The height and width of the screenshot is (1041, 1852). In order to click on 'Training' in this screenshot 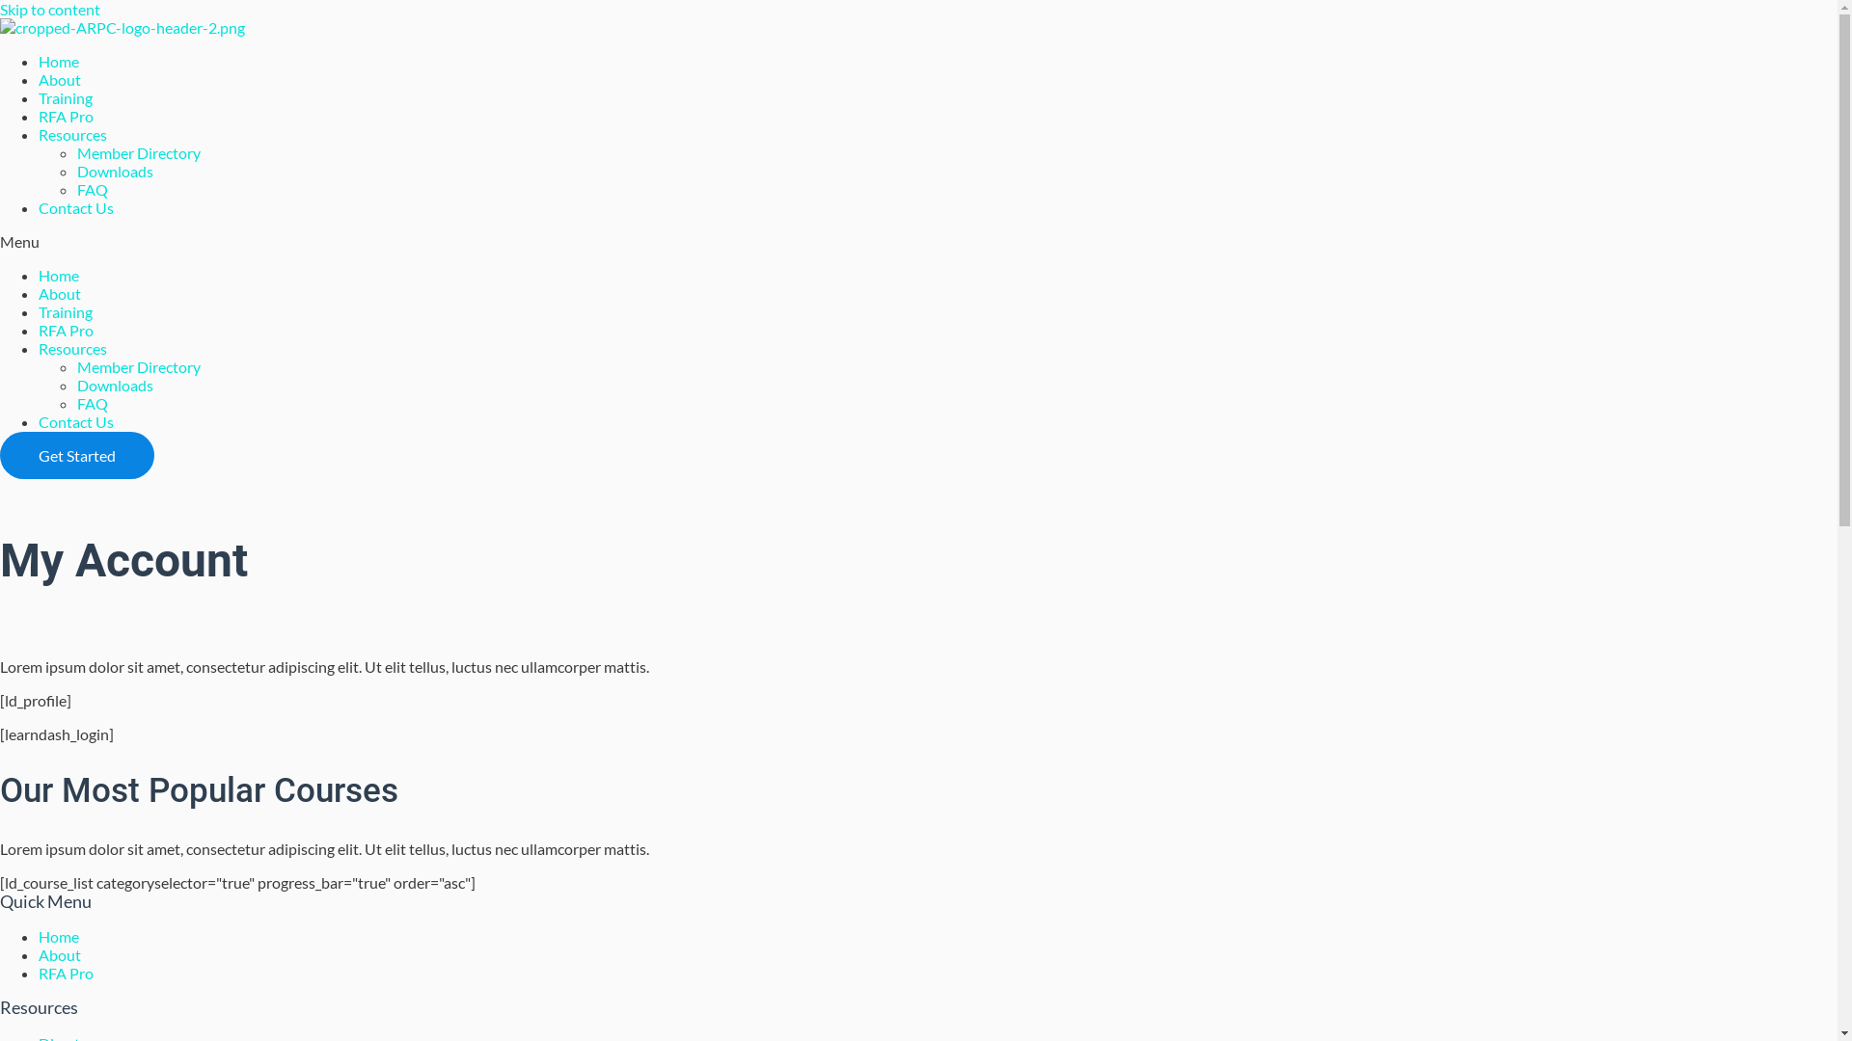, I will do `click(38, 97)`.